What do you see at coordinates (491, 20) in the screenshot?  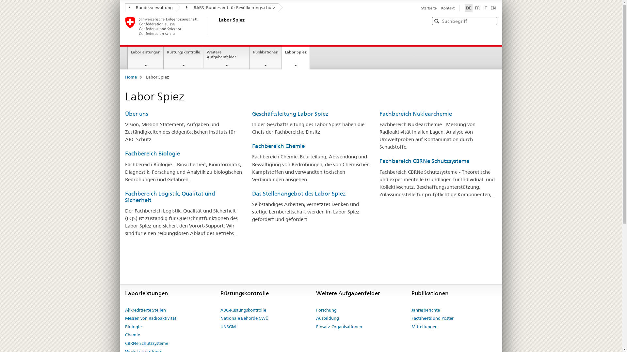 I see `'Clear'` at bounding box center [491, 20].